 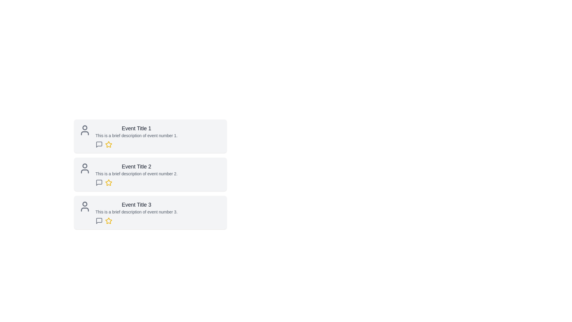 I want to click on the yellow star icon, which is the third icon in a horizontal arrangement, so click(x=108, y=182).